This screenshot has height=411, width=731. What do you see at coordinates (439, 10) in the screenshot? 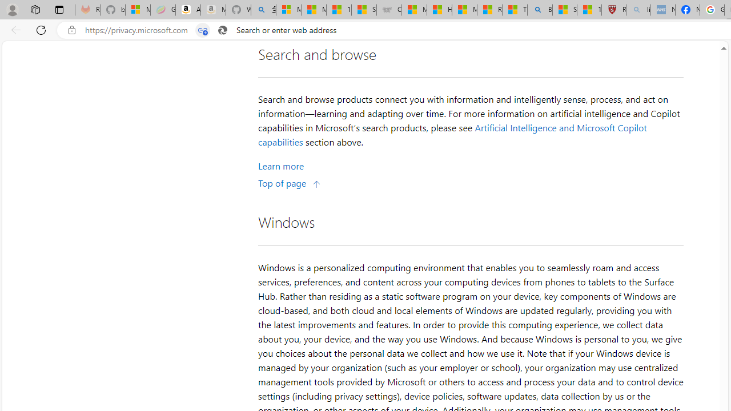
I see `'How I Got Rid of Microsoft Edge'` at bounding box center [439, 10].